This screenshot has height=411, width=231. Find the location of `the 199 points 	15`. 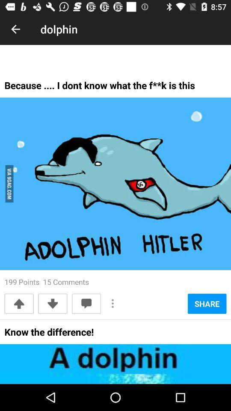

the 199 points 	15 is located at coordinates (47, 281).